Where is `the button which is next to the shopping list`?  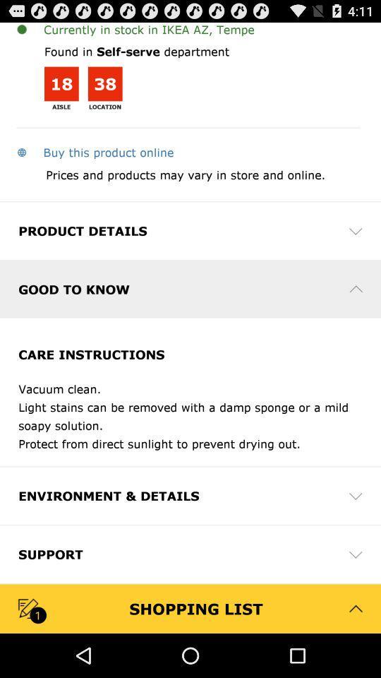 the button which is next to the shopping list is located at coordinates (355, 607).